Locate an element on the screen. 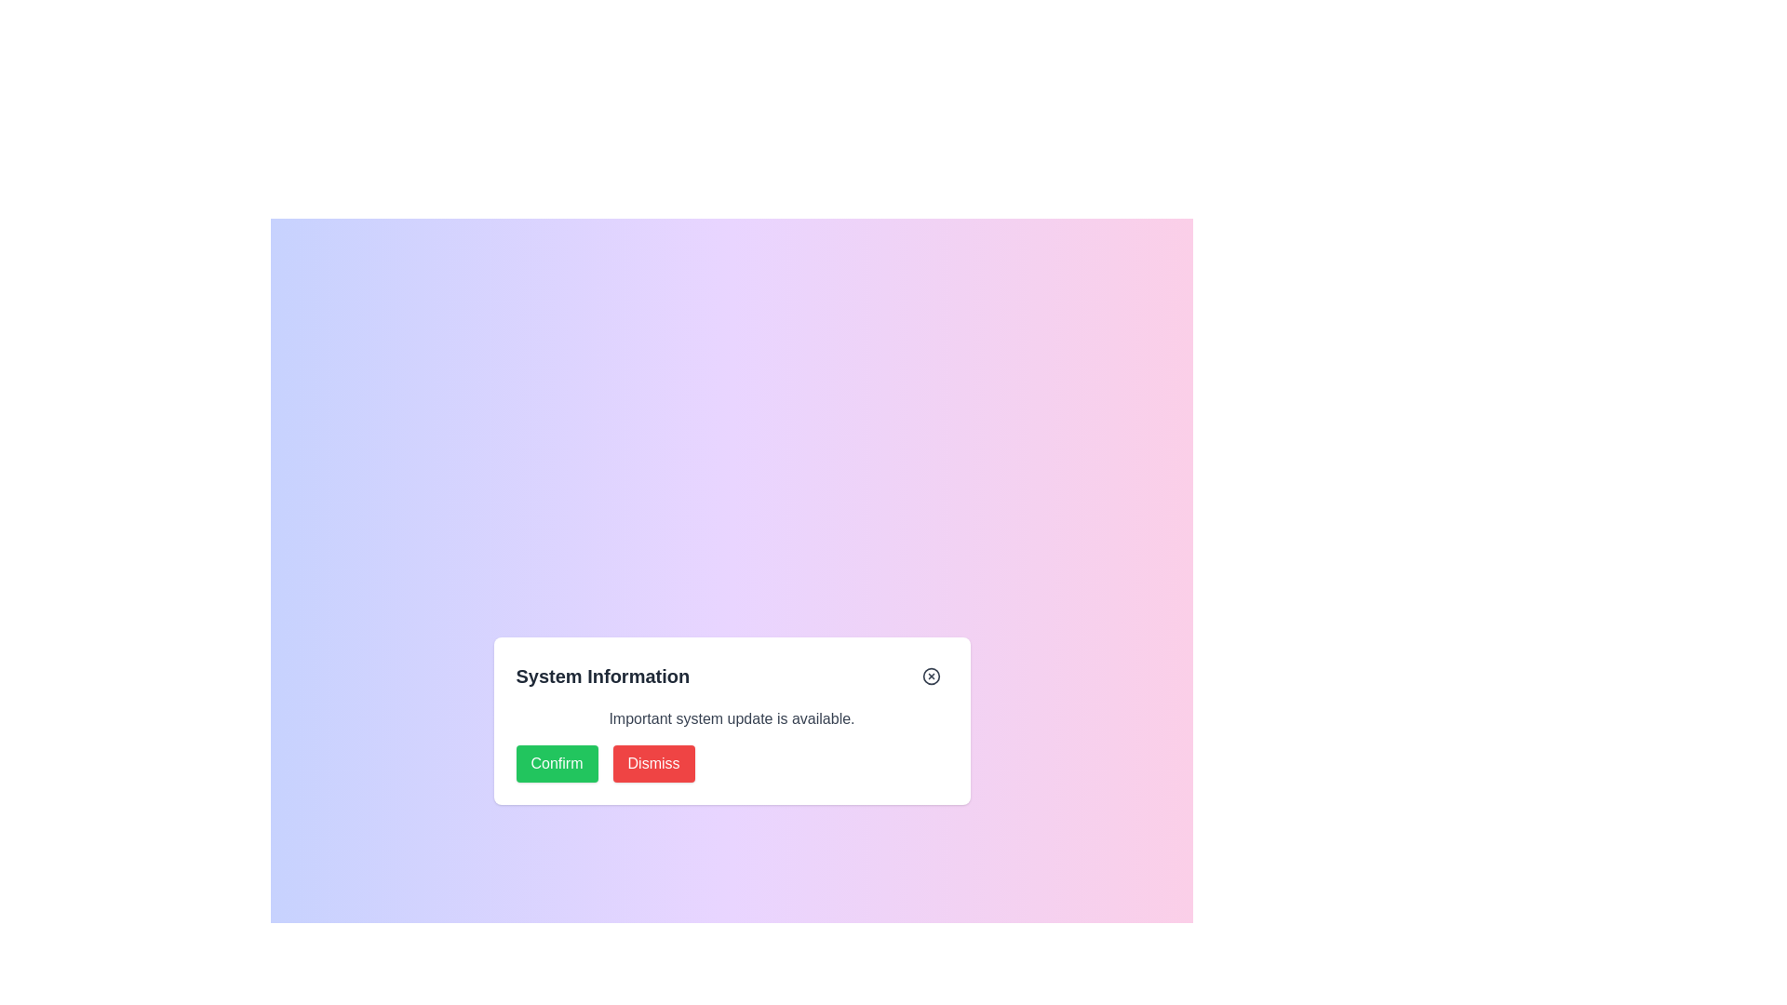 This screenshot has height=1005, width=1787. the confirm button located at the center bottom of the 'System Information' modal dialog, just below the 'Important system update is available.' message to confirm the action is located at coordinates (556, 764).